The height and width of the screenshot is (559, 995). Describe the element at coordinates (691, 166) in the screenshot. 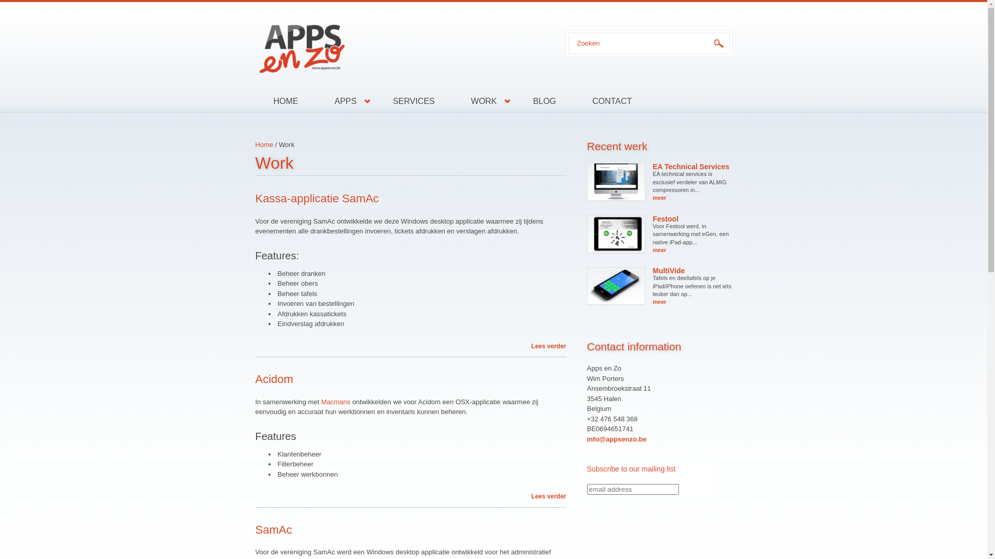

I see `'EA Technical Services'` at that location.